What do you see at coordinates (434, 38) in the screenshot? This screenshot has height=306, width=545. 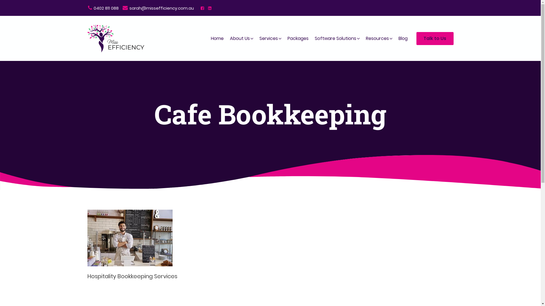 I see `'Talk to Us'` at bounding box center [434, 38].